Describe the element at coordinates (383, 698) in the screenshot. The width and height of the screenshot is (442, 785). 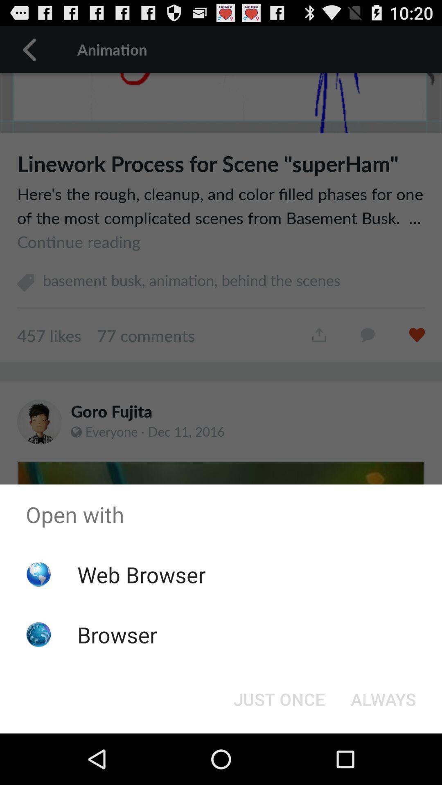
I see `always button` at that location.